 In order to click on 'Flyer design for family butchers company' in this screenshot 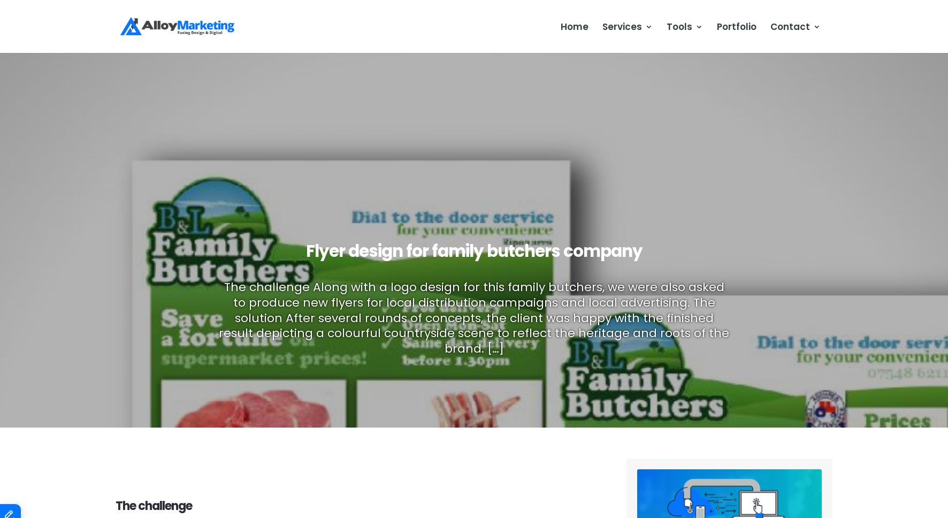, I will do `click(473, 250)`.